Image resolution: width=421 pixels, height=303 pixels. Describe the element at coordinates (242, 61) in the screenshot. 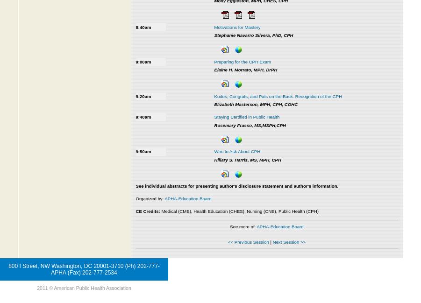

I see `'Preparing for the CPH Exam'` at that location.